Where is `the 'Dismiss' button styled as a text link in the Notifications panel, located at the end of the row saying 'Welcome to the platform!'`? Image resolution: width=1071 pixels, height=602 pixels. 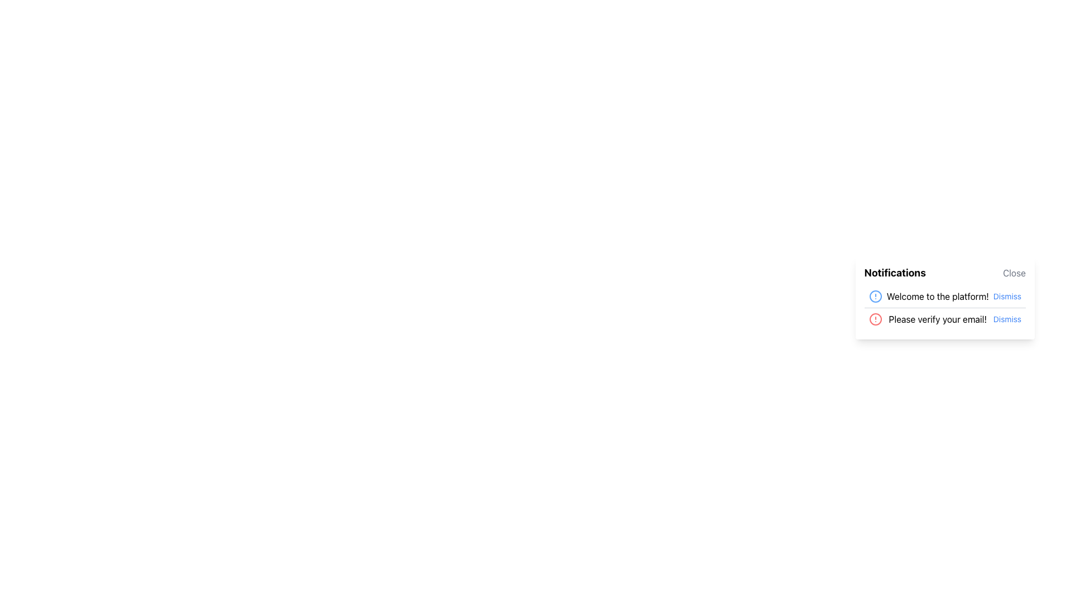
the 'Dismiss' button styled as a text link in the Notifications panel, located at the end of the row saying 'Welcome to the platform!' is located at coordinates (1007, 296).